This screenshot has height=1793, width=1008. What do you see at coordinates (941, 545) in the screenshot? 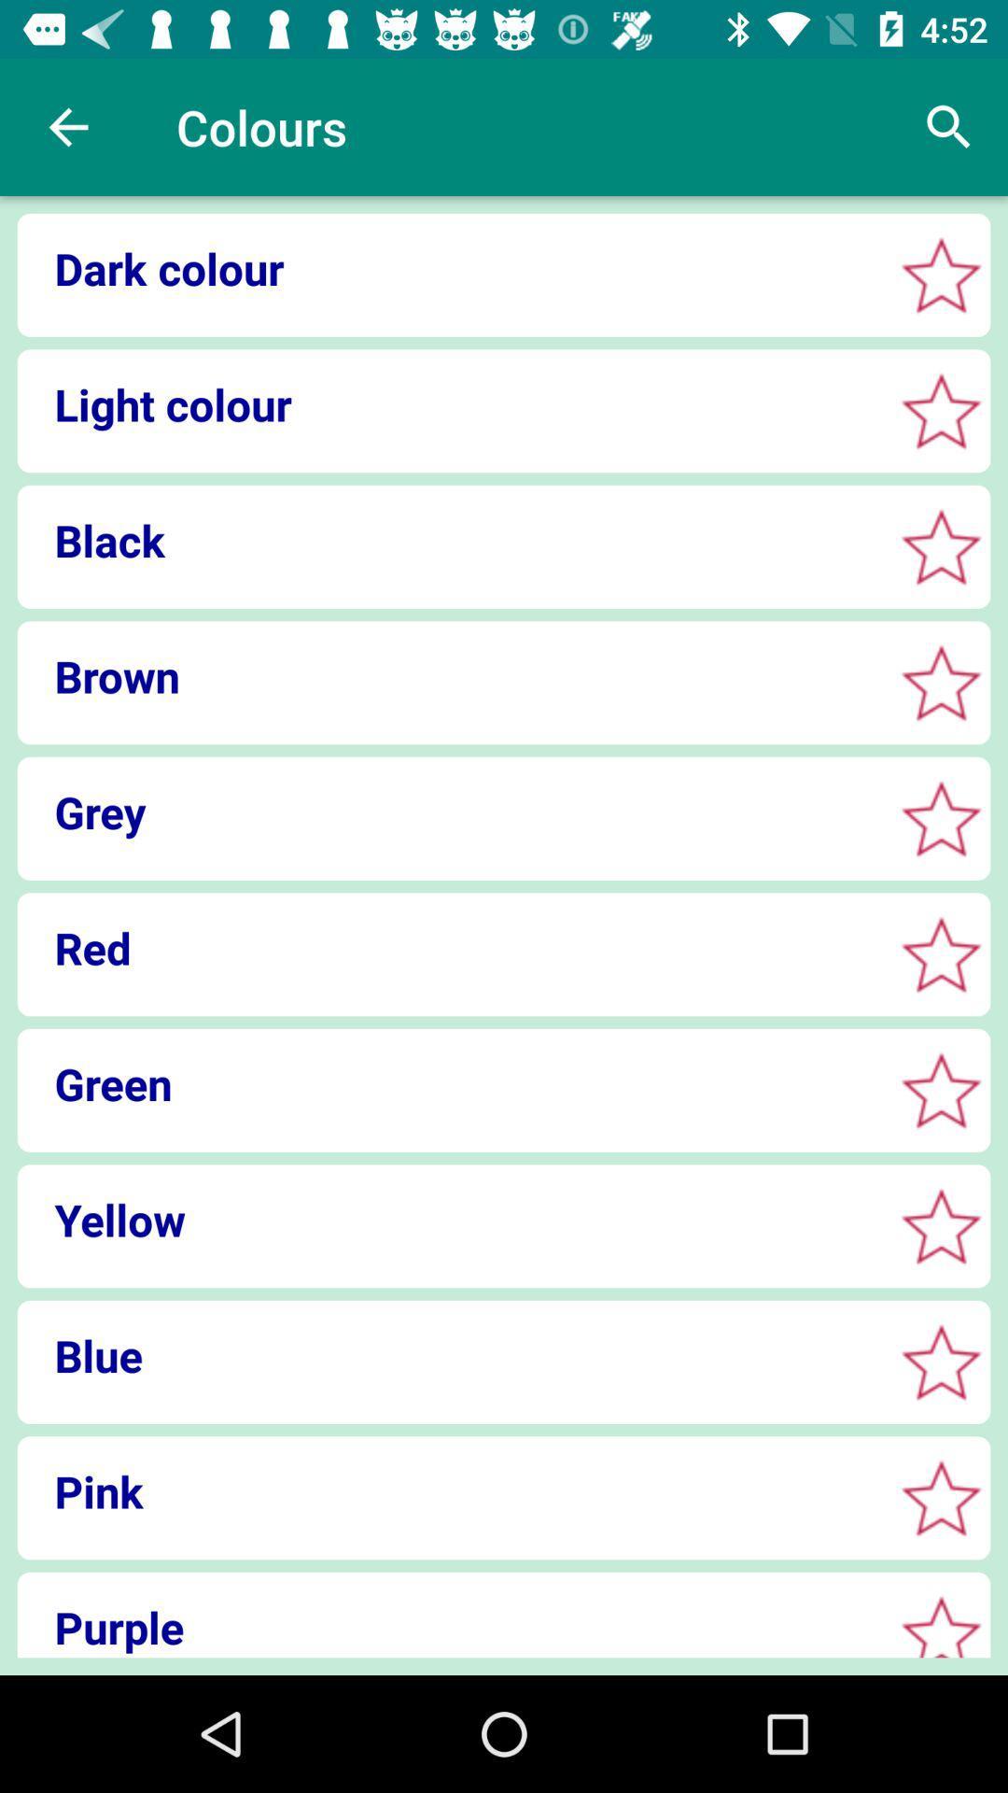
I see `favorite` at bounding box center [941, 545].